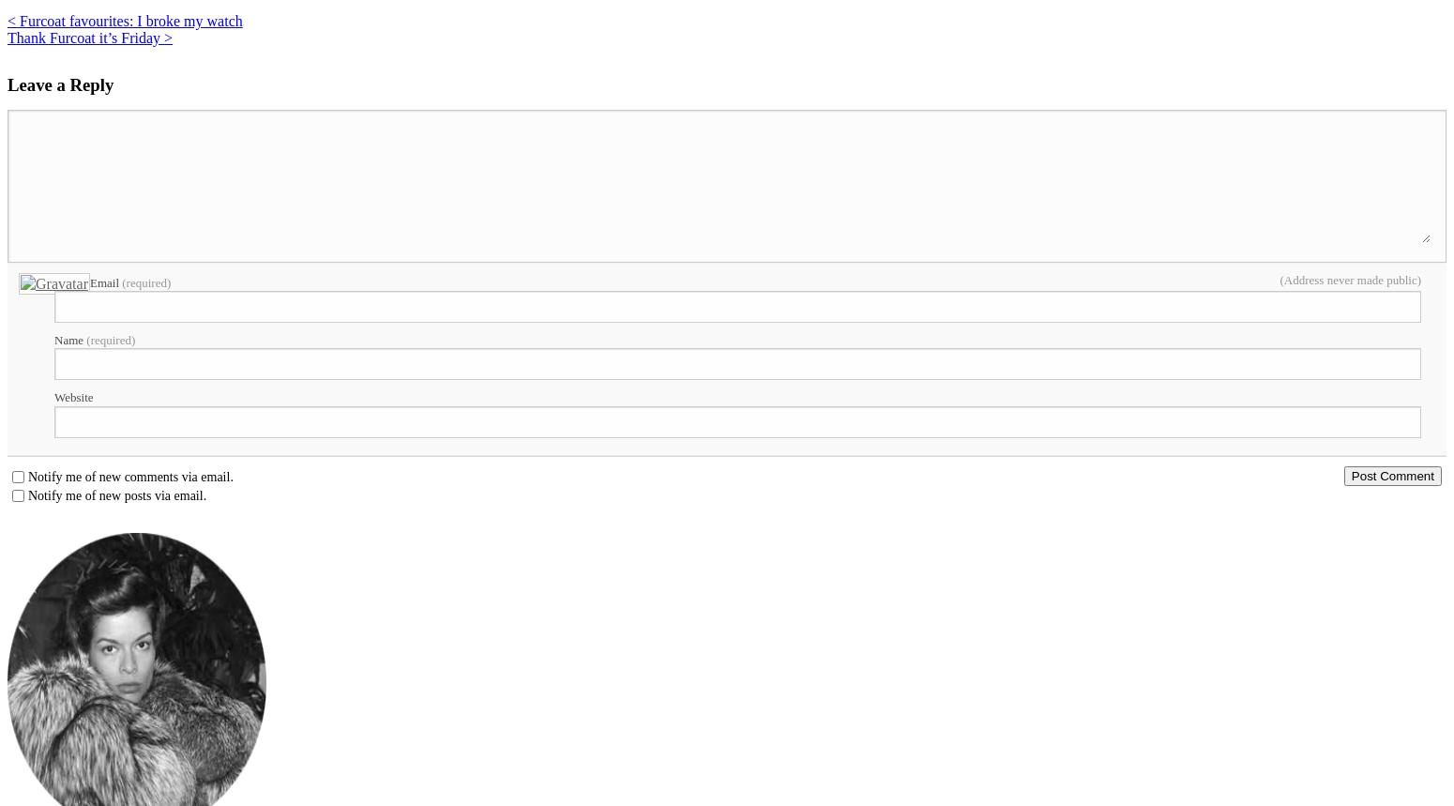 This screenshot has width=1454, height=806. I want to click on 'Website', so click(73, 397).